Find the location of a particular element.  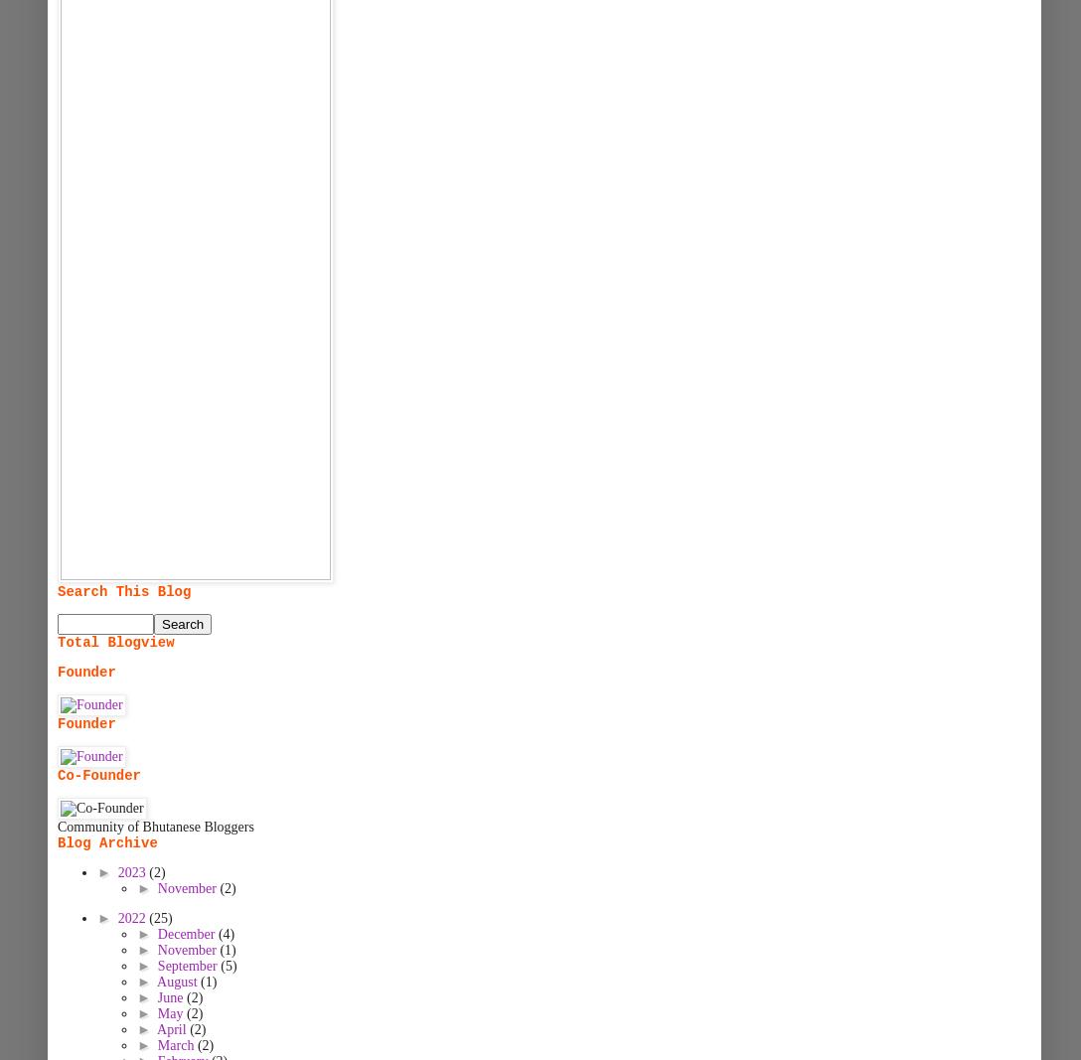

'December' is located at coordinates (186, 934).